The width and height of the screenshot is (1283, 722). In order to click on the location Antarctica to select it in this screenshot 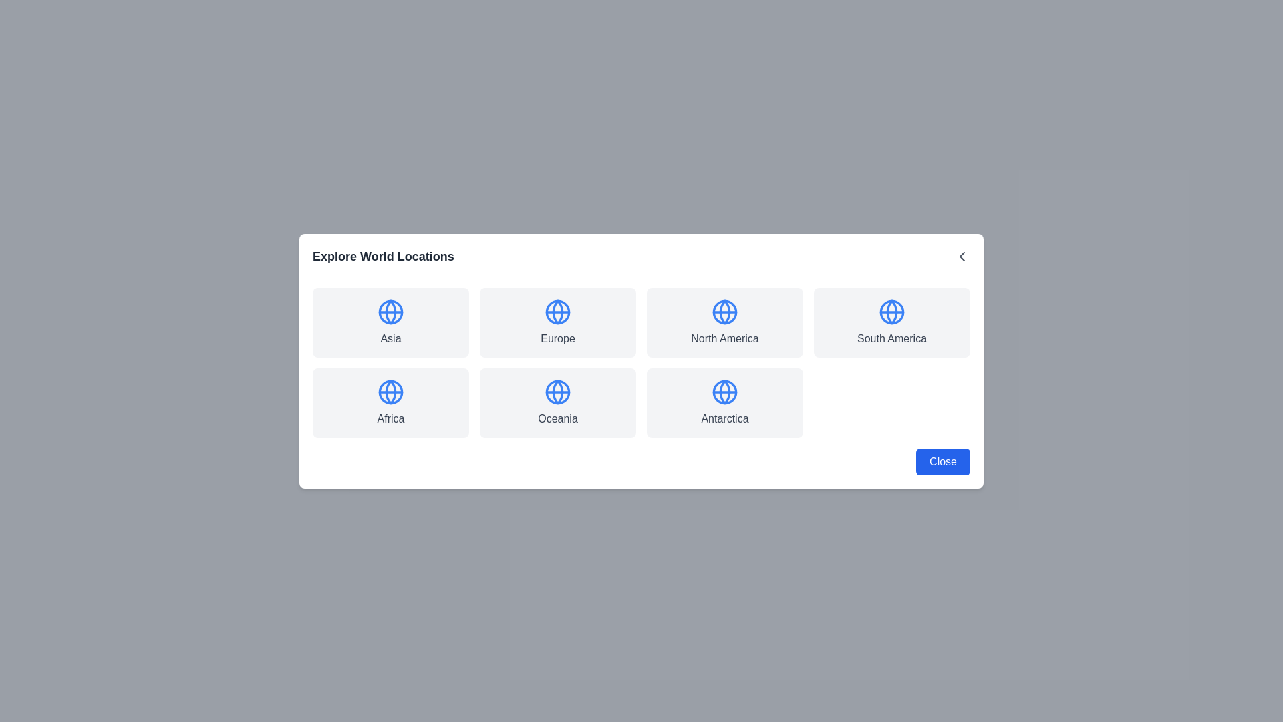, I will do `click(724, 402)`.